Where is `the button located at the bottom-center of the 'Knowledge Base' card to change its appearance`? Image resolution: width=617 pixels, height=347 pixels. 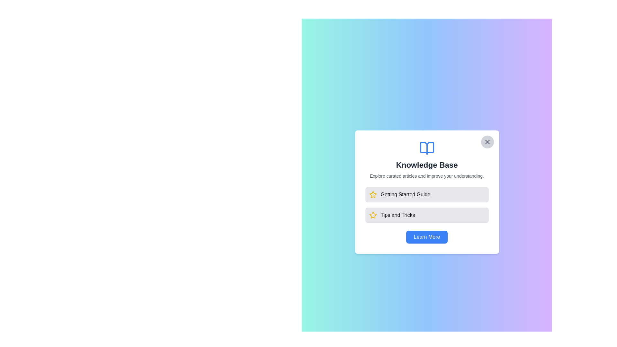
the button located at the bottom-center of the 'Knowledge Base' card to change its appearance is located at coordinates (427, 237).